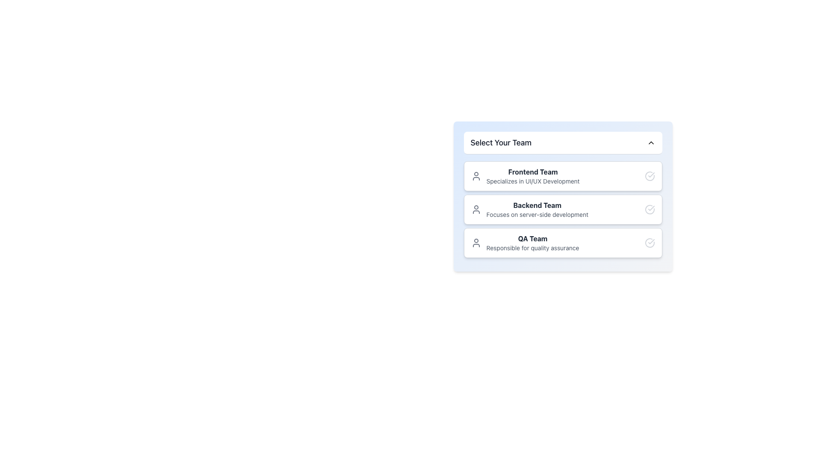 This screenshot has width=821, height=462. I want to click on the completion icon located at the far-right of the 'QA Team' row in the 'Select Your Team' menu, which visually indicates that the QA Team is acknowledged, so click(650, 243).